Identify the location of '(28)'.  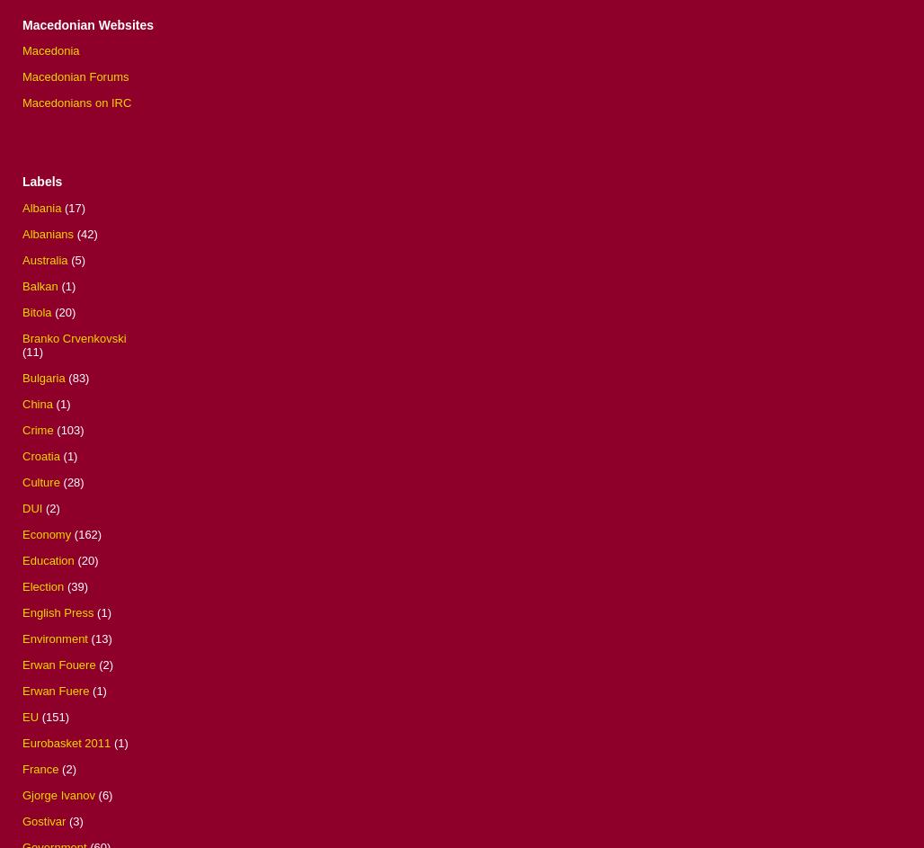
(72, 481).